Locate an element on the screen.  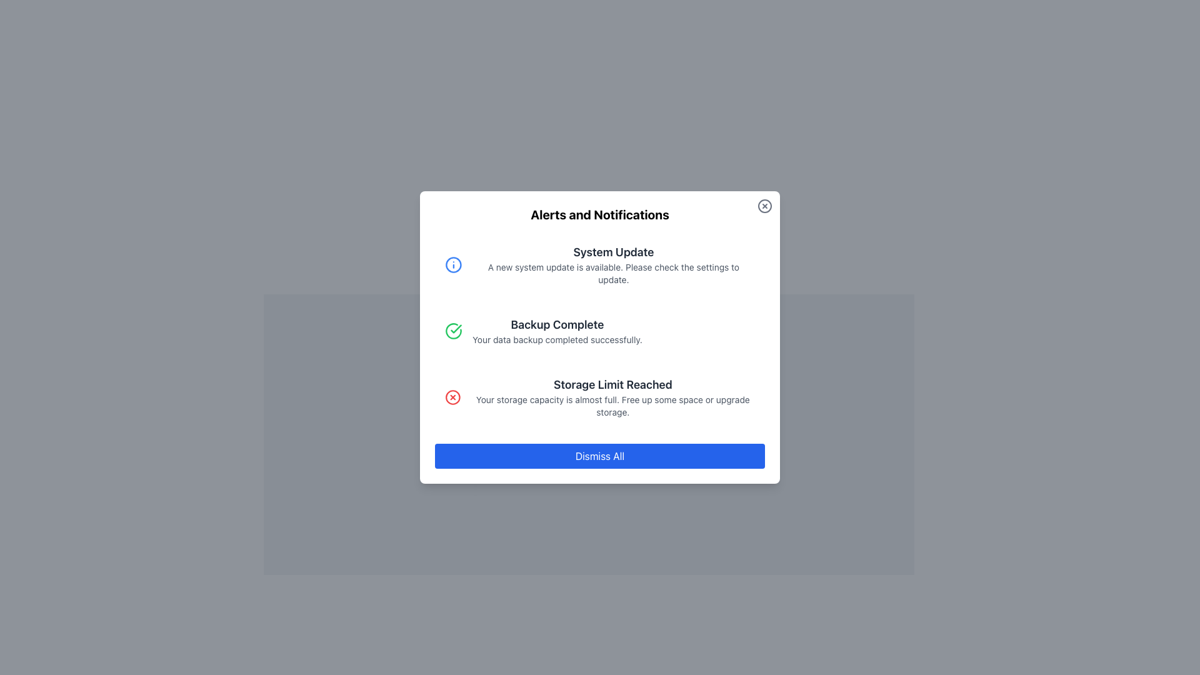
the text label titled 'System Update' which is styled in bold gray font and is centrally aligned above the description text is located at coordinates (613, 252).